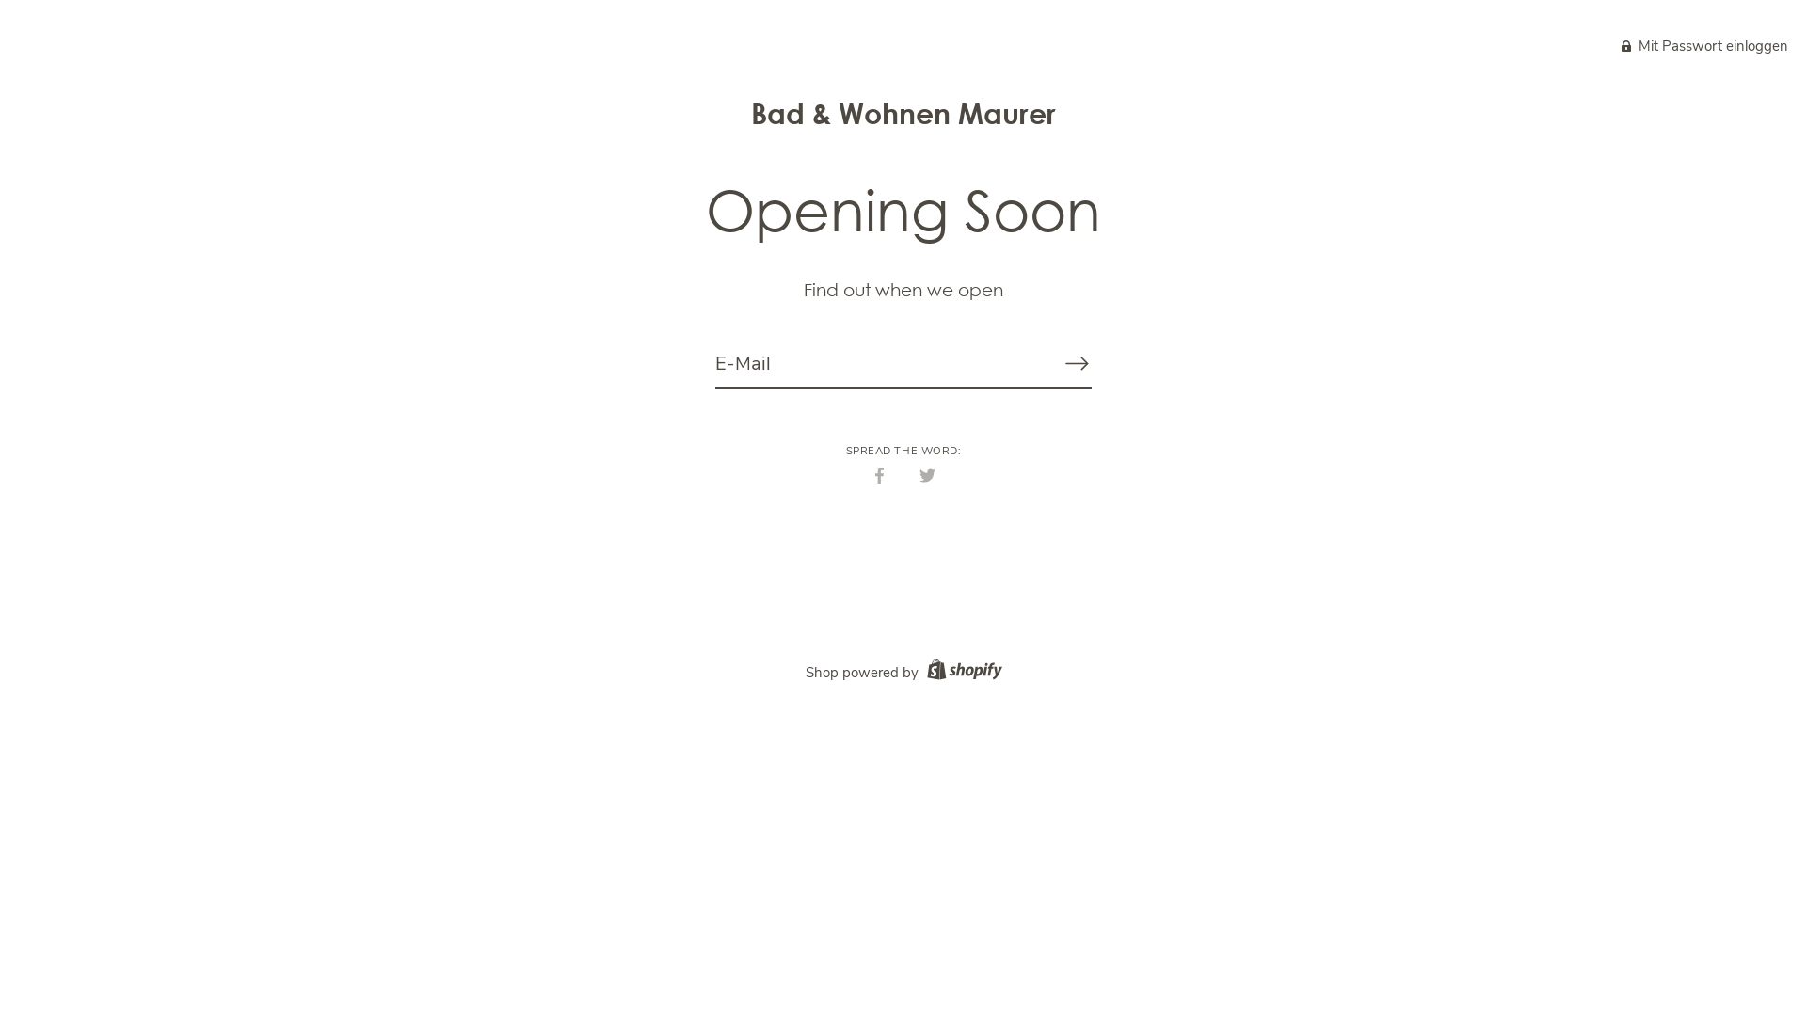  What do you see at coordinates (927, 473) in the screenshot?
I see `'Twittern'` at bounding box center [927, 473].